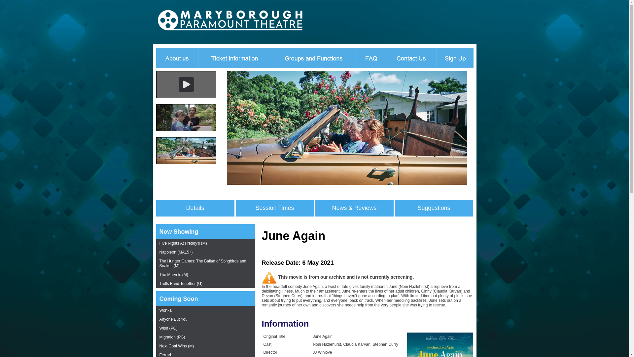 Image resolution: width=634 pixels, height=357 pixels. Describe the element at coordinates (205, 243) in the screenshot. I see `'Five Nights At Freddy's (M)'` at that location.